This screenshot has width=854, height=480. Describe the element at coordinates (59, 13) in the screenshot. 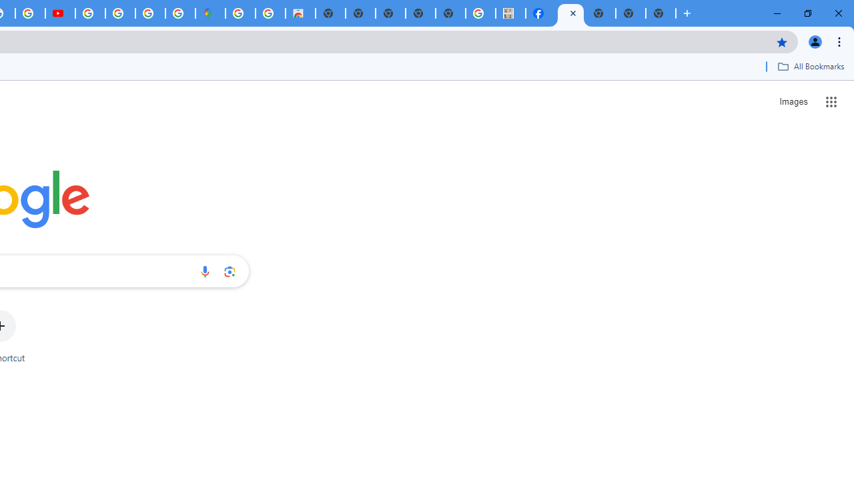

I see `'Subscriptions - YouTube'` at that location.